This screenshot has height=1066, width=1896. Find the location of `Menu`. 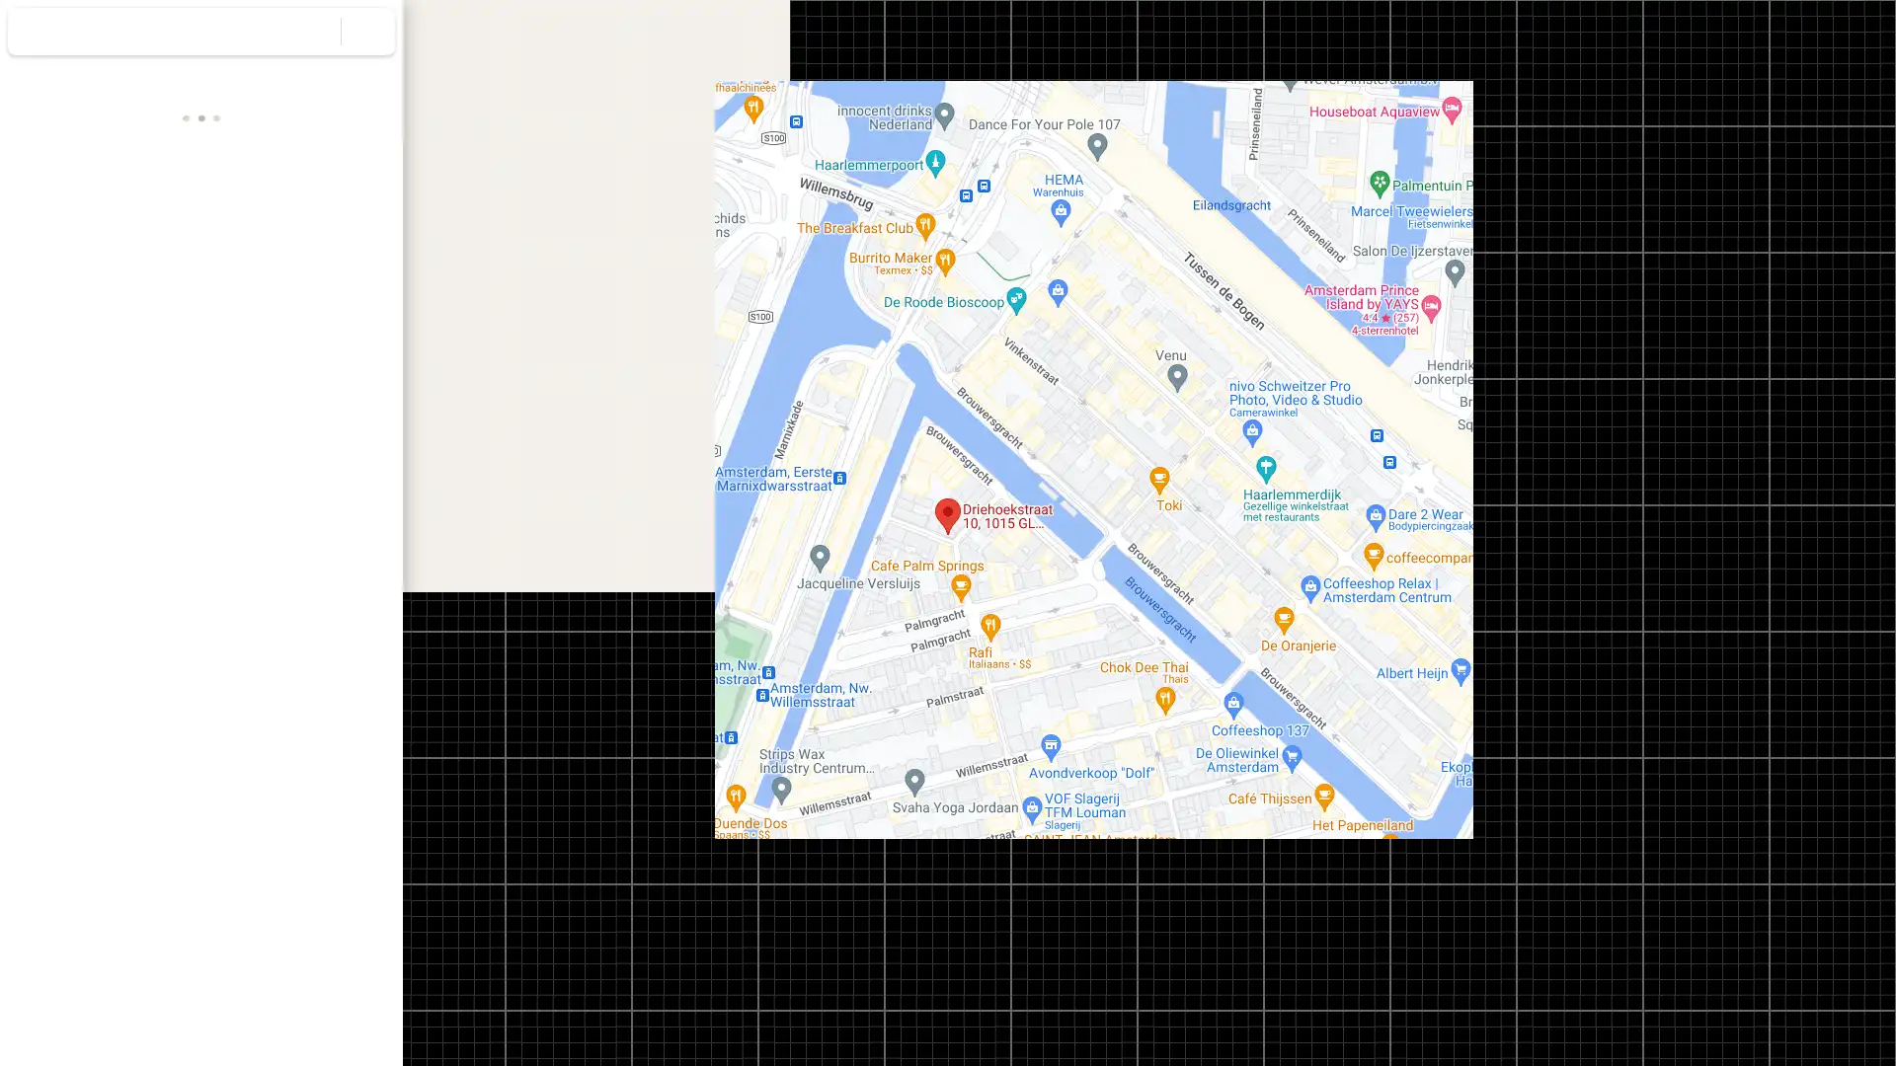

Menu is located at coordinates (35, 34).